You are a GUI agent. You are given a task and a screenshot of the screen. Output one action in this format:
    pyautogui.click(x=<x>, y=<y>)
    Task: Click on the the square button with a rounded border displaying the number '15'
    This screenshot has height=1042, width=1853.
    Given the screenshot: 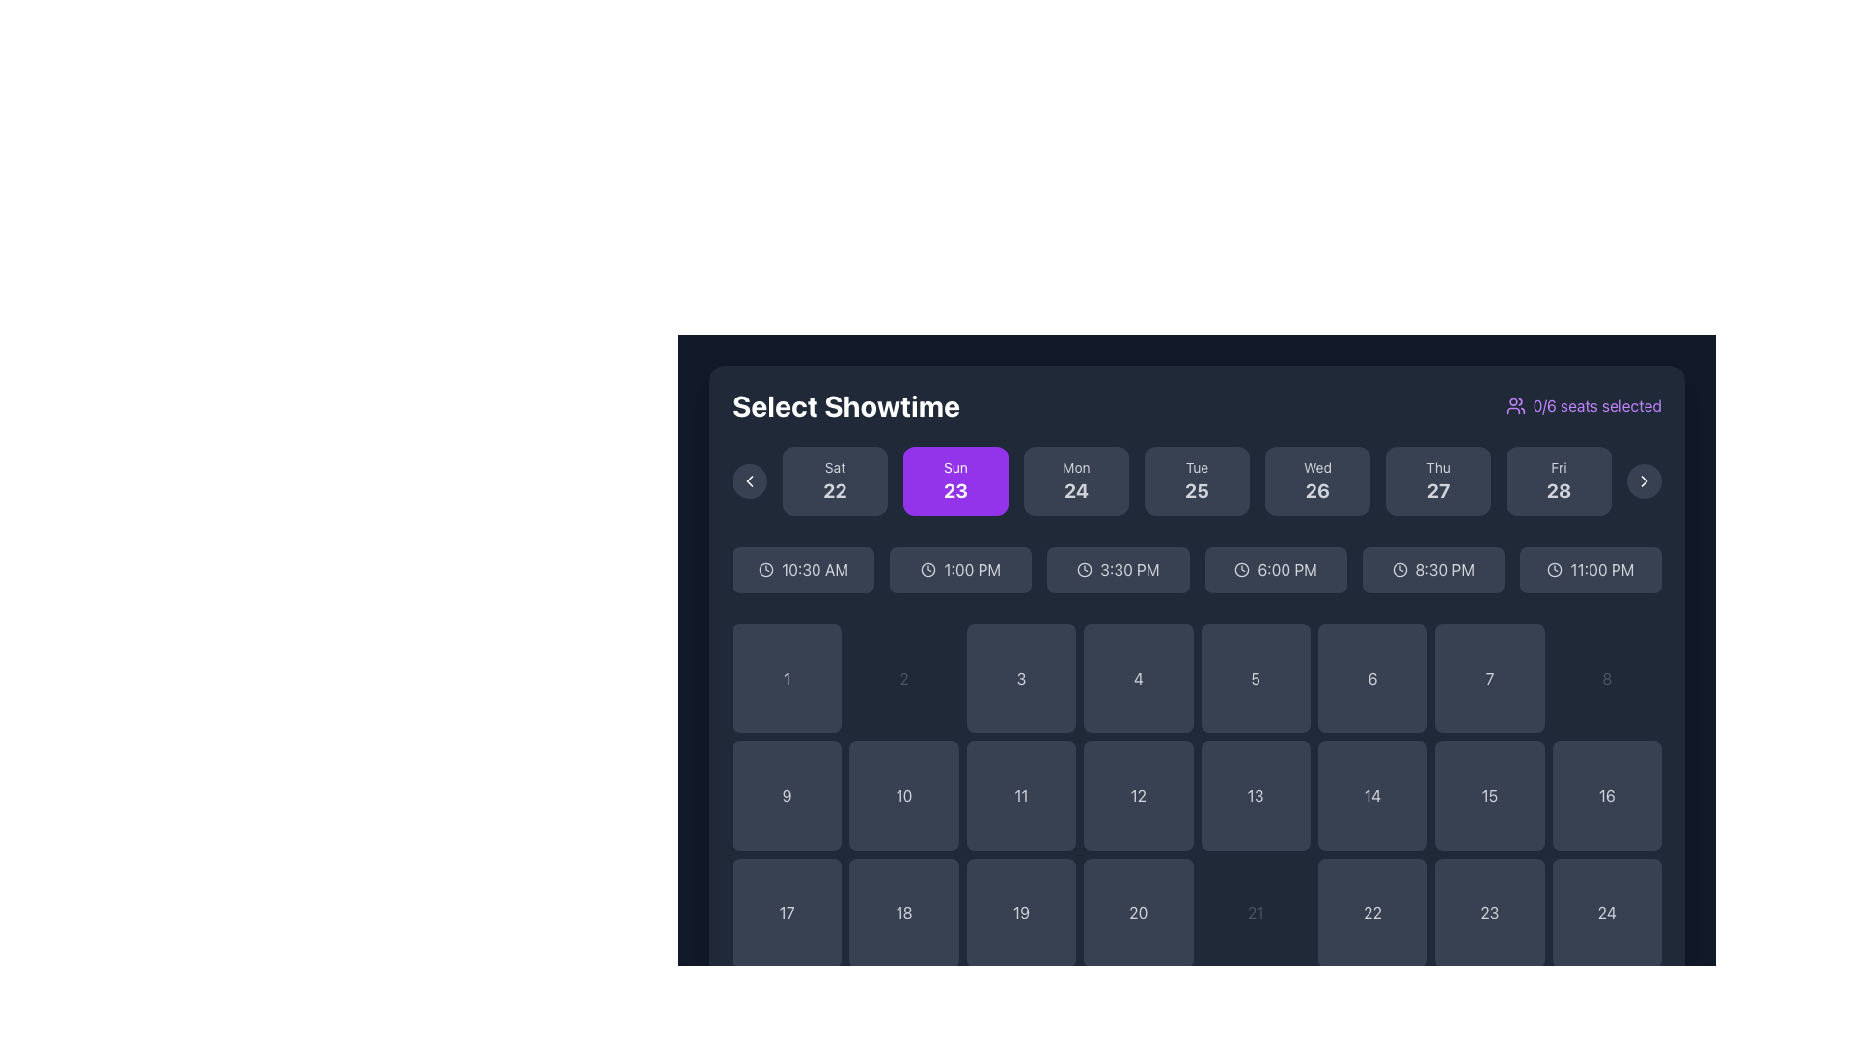 What is the action you would take?
    pyautogui.click(x=1488, y=796)
    